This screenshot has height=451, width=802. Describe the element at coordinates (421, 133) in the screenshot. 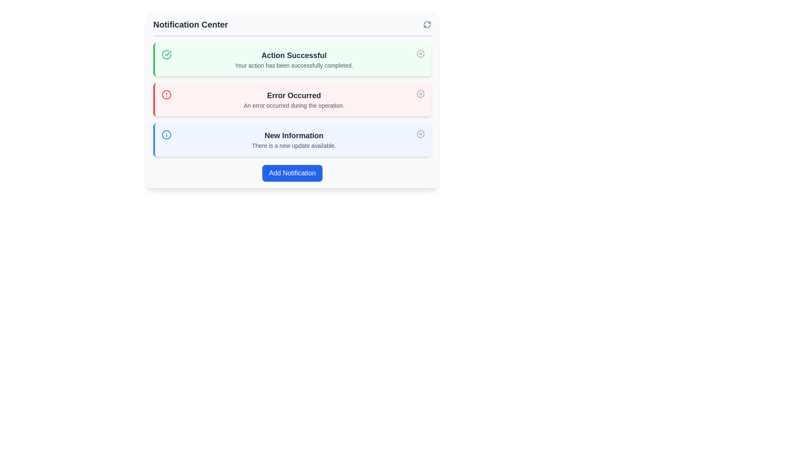

I see `the SVG circle element located inside the 'New Information' notification box, toward the right side, which is part of a visual indicator` at that location.